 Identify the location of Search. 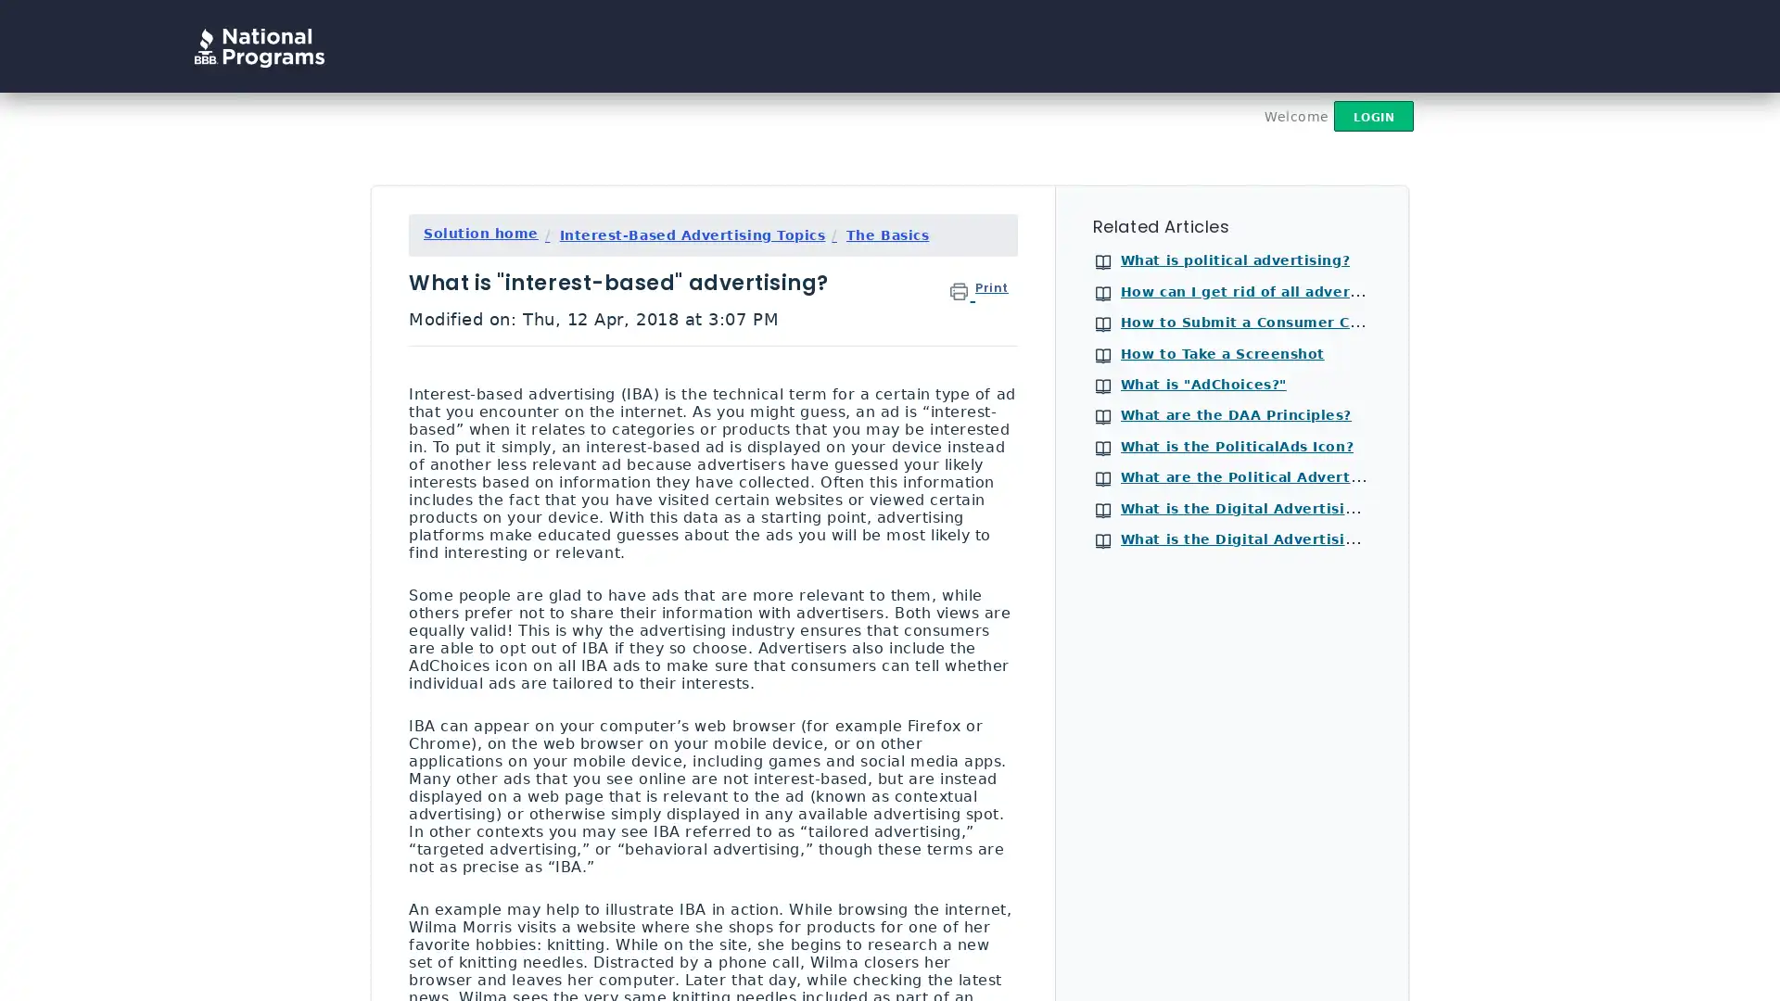
(409, 70).